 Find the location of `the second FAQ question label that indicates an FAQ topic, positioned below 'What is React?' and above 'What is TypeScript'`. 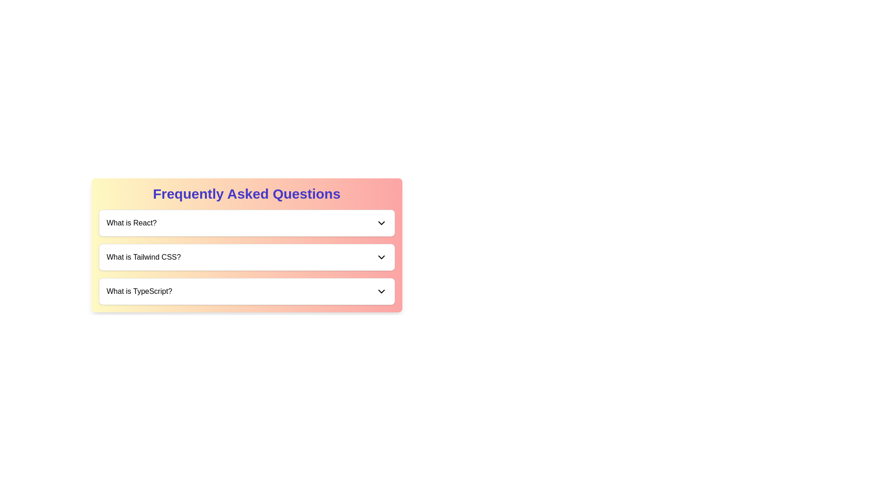

the second FAQ question label that indicates an FAQ topic, positioned below 'What is React?' and above 'What is TypeScript' is located at coordinates (143, 257).